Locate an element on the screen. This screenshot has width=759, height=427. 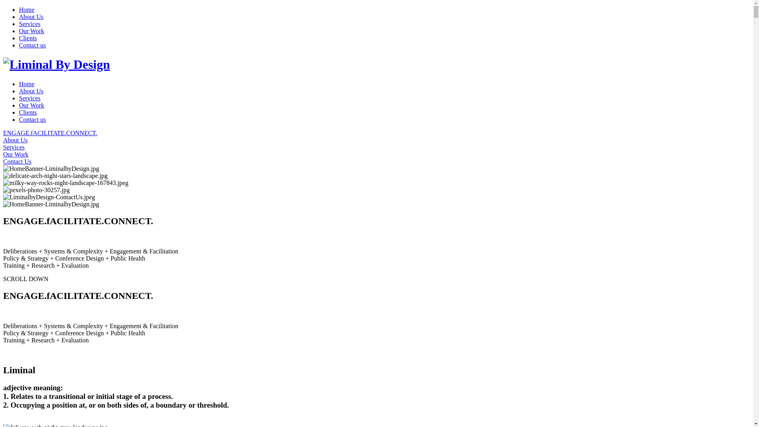
'Clients' is located at coordinates (28, 112).